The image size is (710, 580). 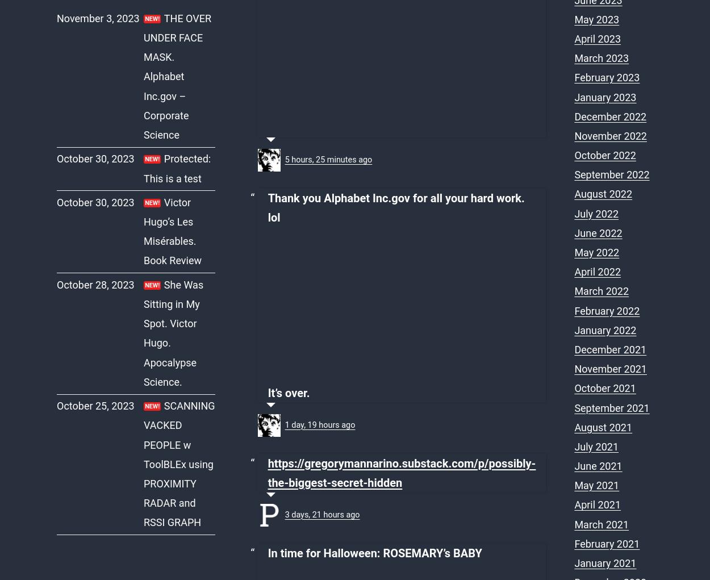 What do you see at coordinates (604, 155) in the screenshot?
I see `'October 2022'` at bounding box center [604, 155].